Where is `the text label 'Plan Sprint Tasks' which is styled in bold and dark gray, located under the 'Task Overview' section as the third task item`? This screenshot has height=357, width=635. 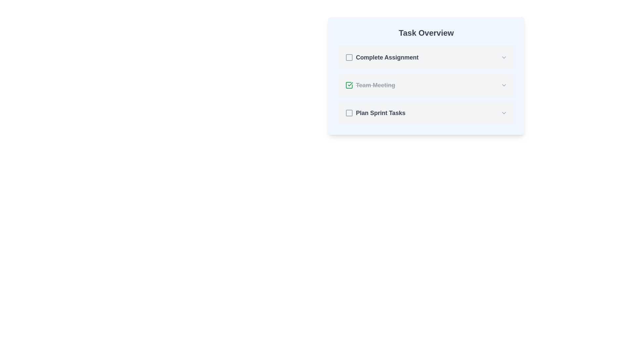 the text label 'Plan Sprint Tasks' which is styled in bold and dark gray, located under the 'Task Overview' section as the third task item is located at coordinates (381, 113).